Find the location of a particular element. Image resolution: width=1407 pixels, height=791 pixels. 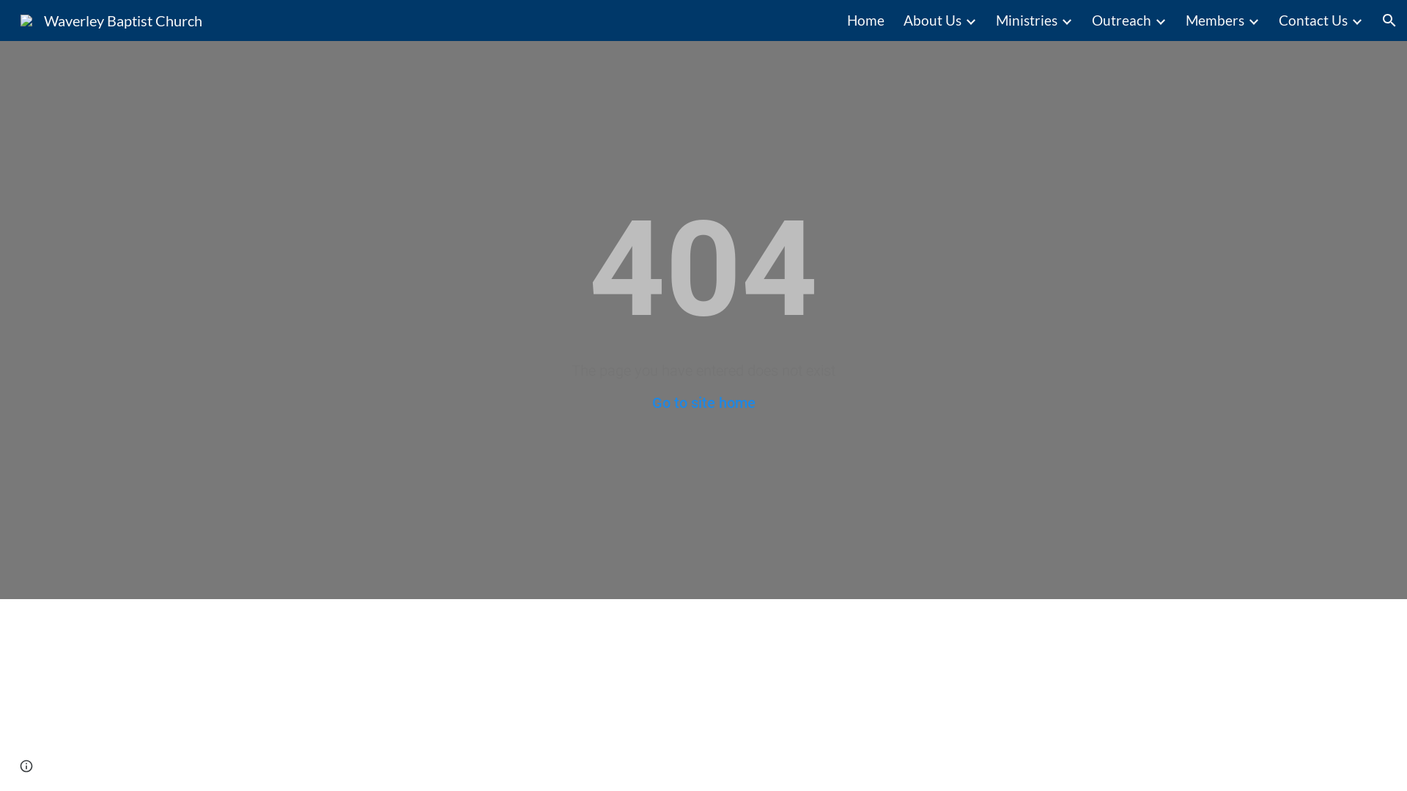

'Expand/Collapse' is located at coordinates (1159, 20).